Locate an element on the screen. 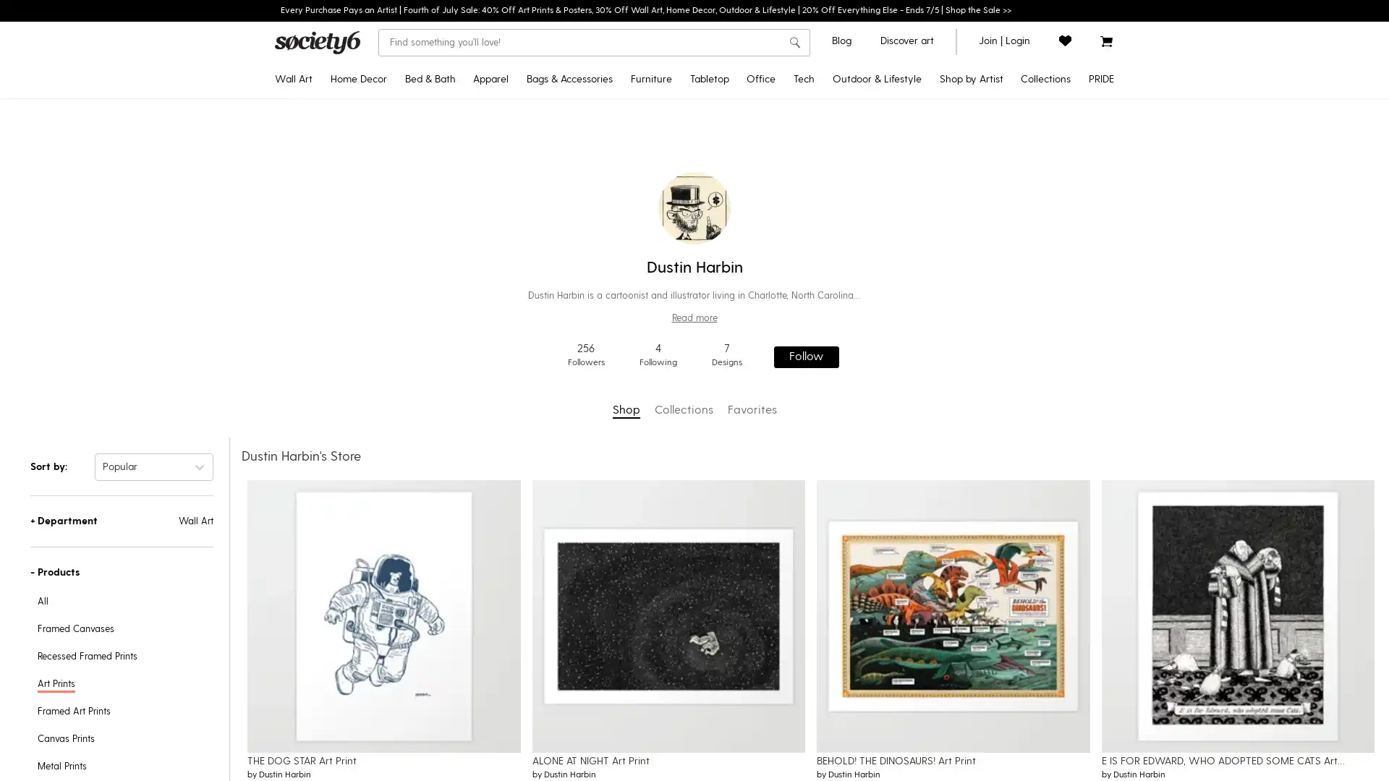 This screenshot has width=1389, height=781. Picnic Blankets is located at coordinates (896, 349).